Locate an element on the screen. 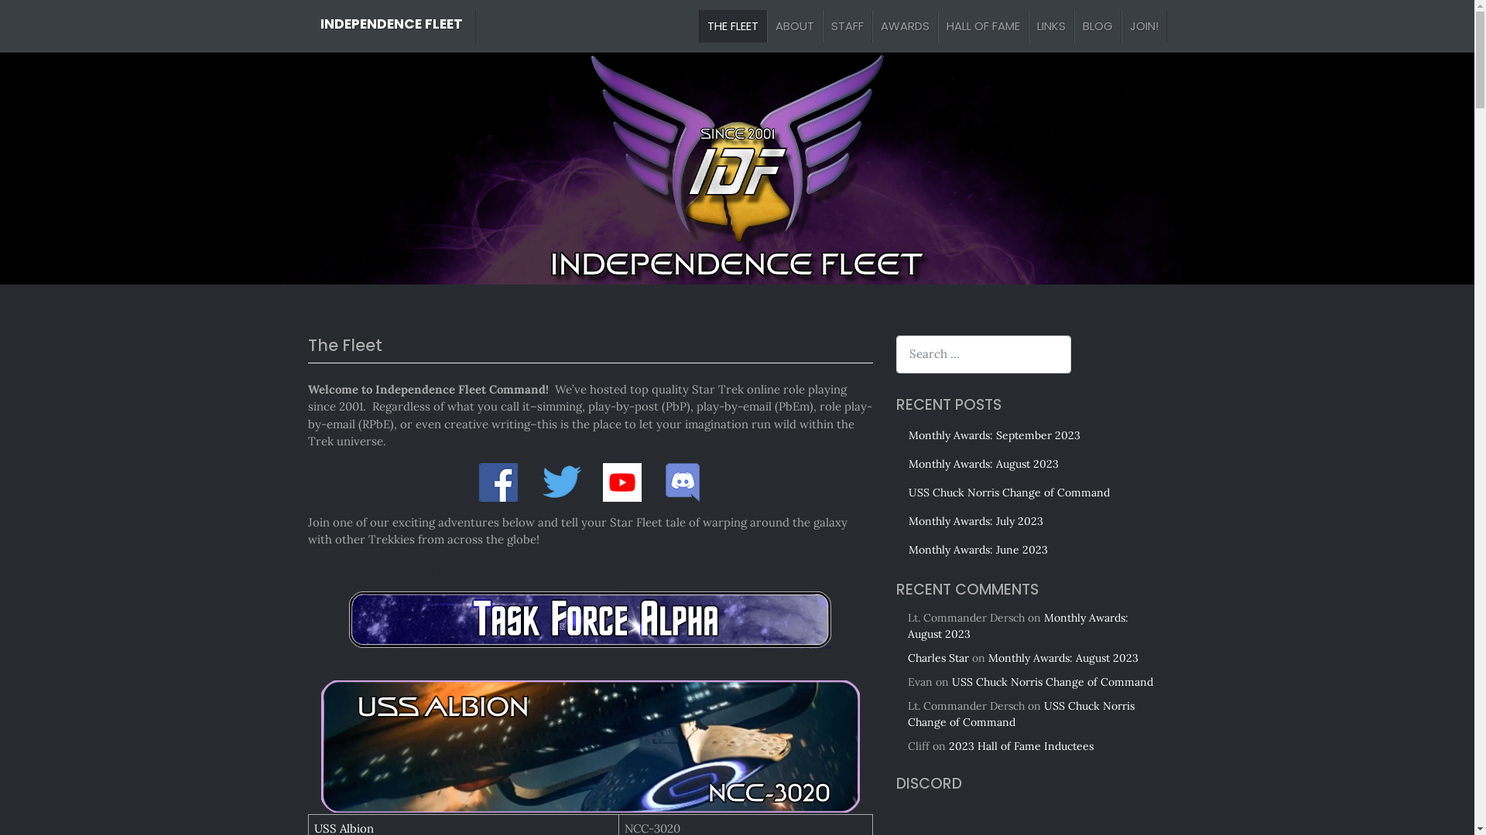 Image resolution: width=1486 pixels, height=835 pixels. 'Monthly Awards: August 2023' is located at coordinates (1017, 625).